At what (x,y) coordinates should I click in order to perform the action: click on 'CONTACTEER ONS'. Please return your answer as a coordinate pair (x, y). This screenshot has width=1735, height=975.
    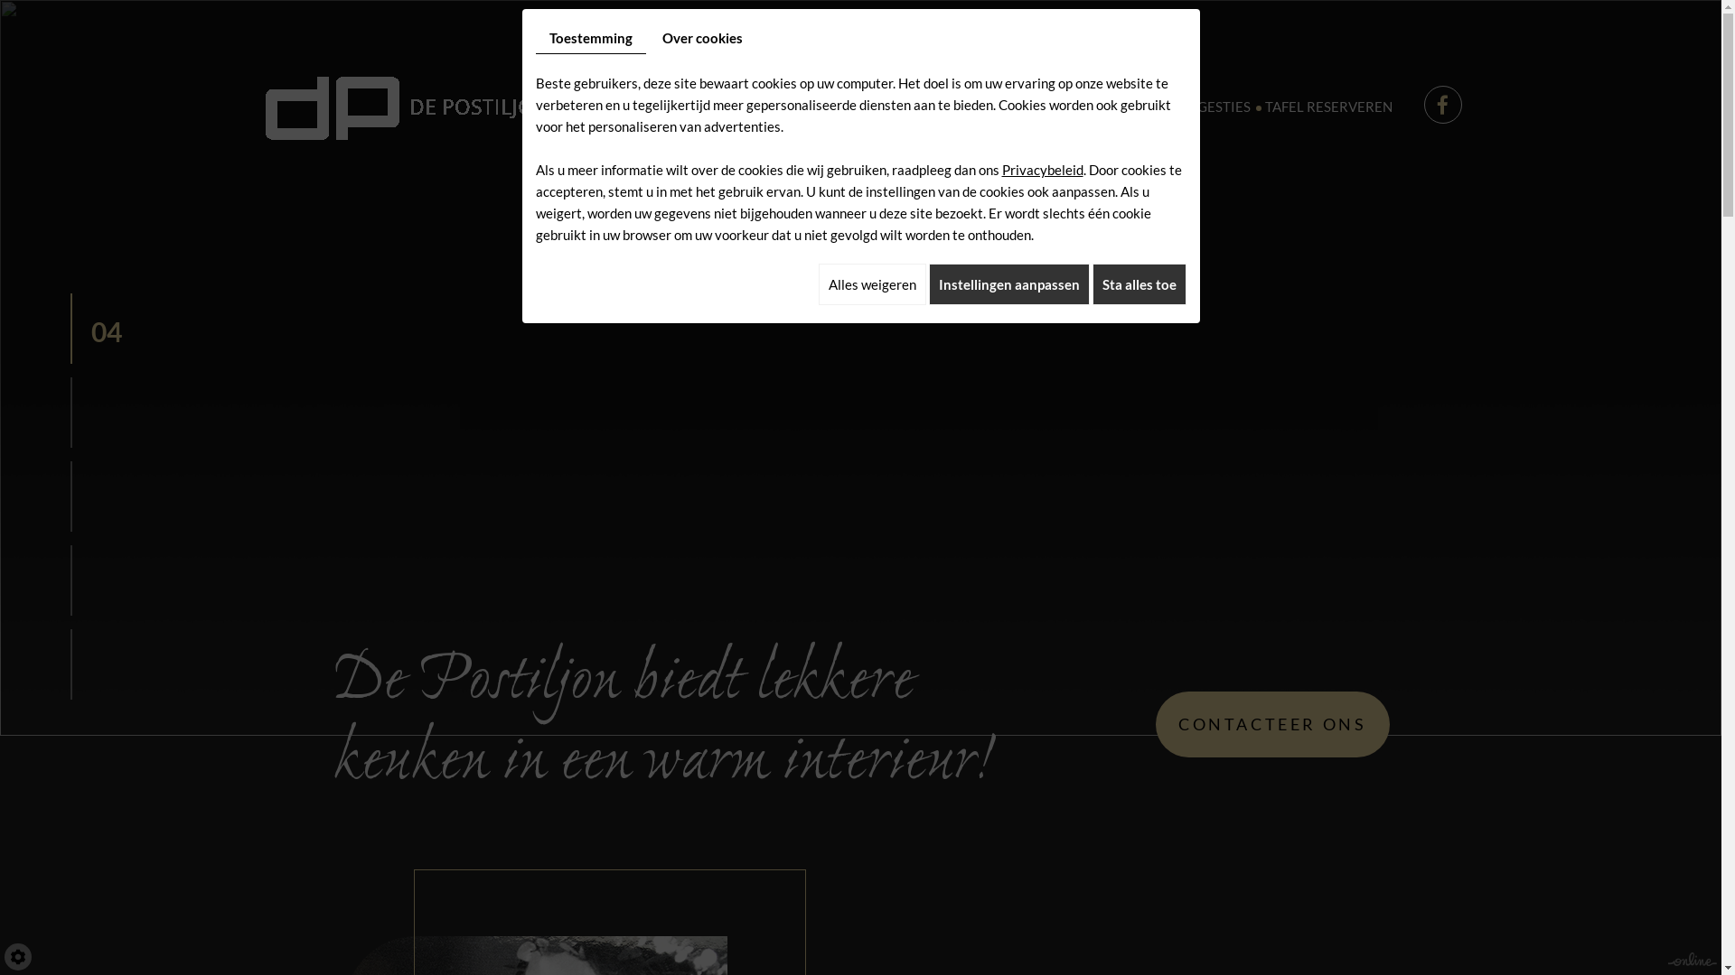
    Looking at the image, I should click on (1271, 723).